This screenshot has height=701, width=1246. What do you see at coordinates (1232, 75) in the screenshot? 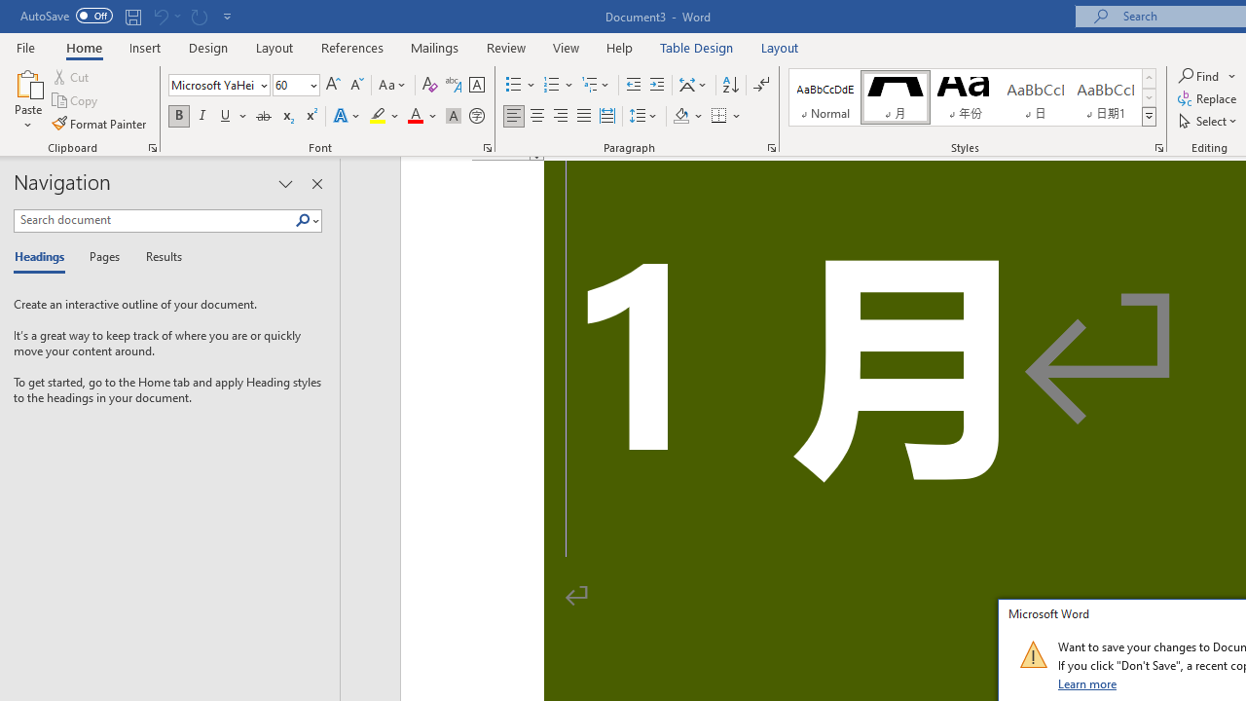
I see `'More Options'` at bounding box center [1232, 75].